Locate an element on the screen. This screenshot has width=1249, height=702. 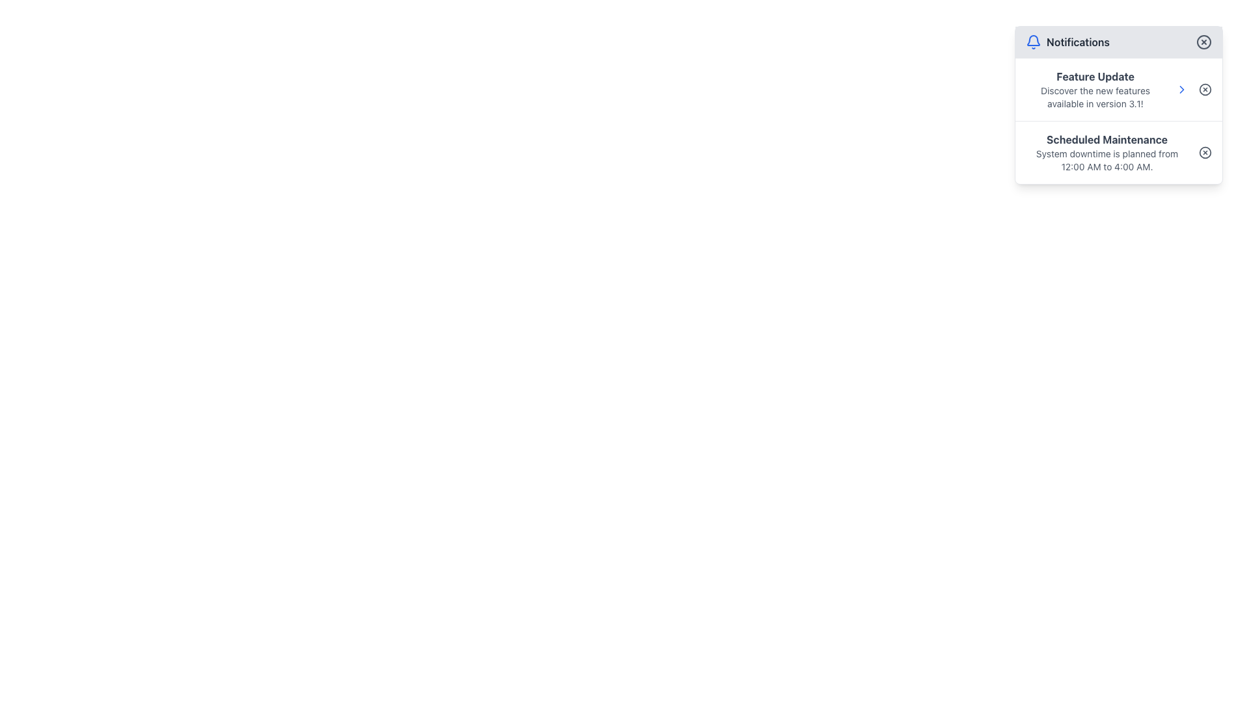
the chevron icon button located is located at coordinates (1182, 89).